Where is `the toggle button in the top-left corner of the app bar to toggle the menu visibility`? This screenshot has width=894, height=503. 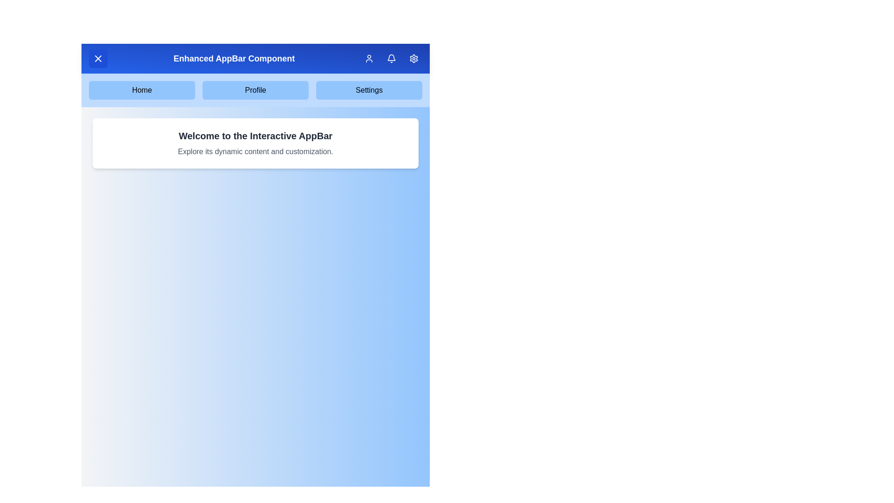
the toggle button in the top-left corner of the app bar to toggle the menu visibility is located at coordinates (98, 59).